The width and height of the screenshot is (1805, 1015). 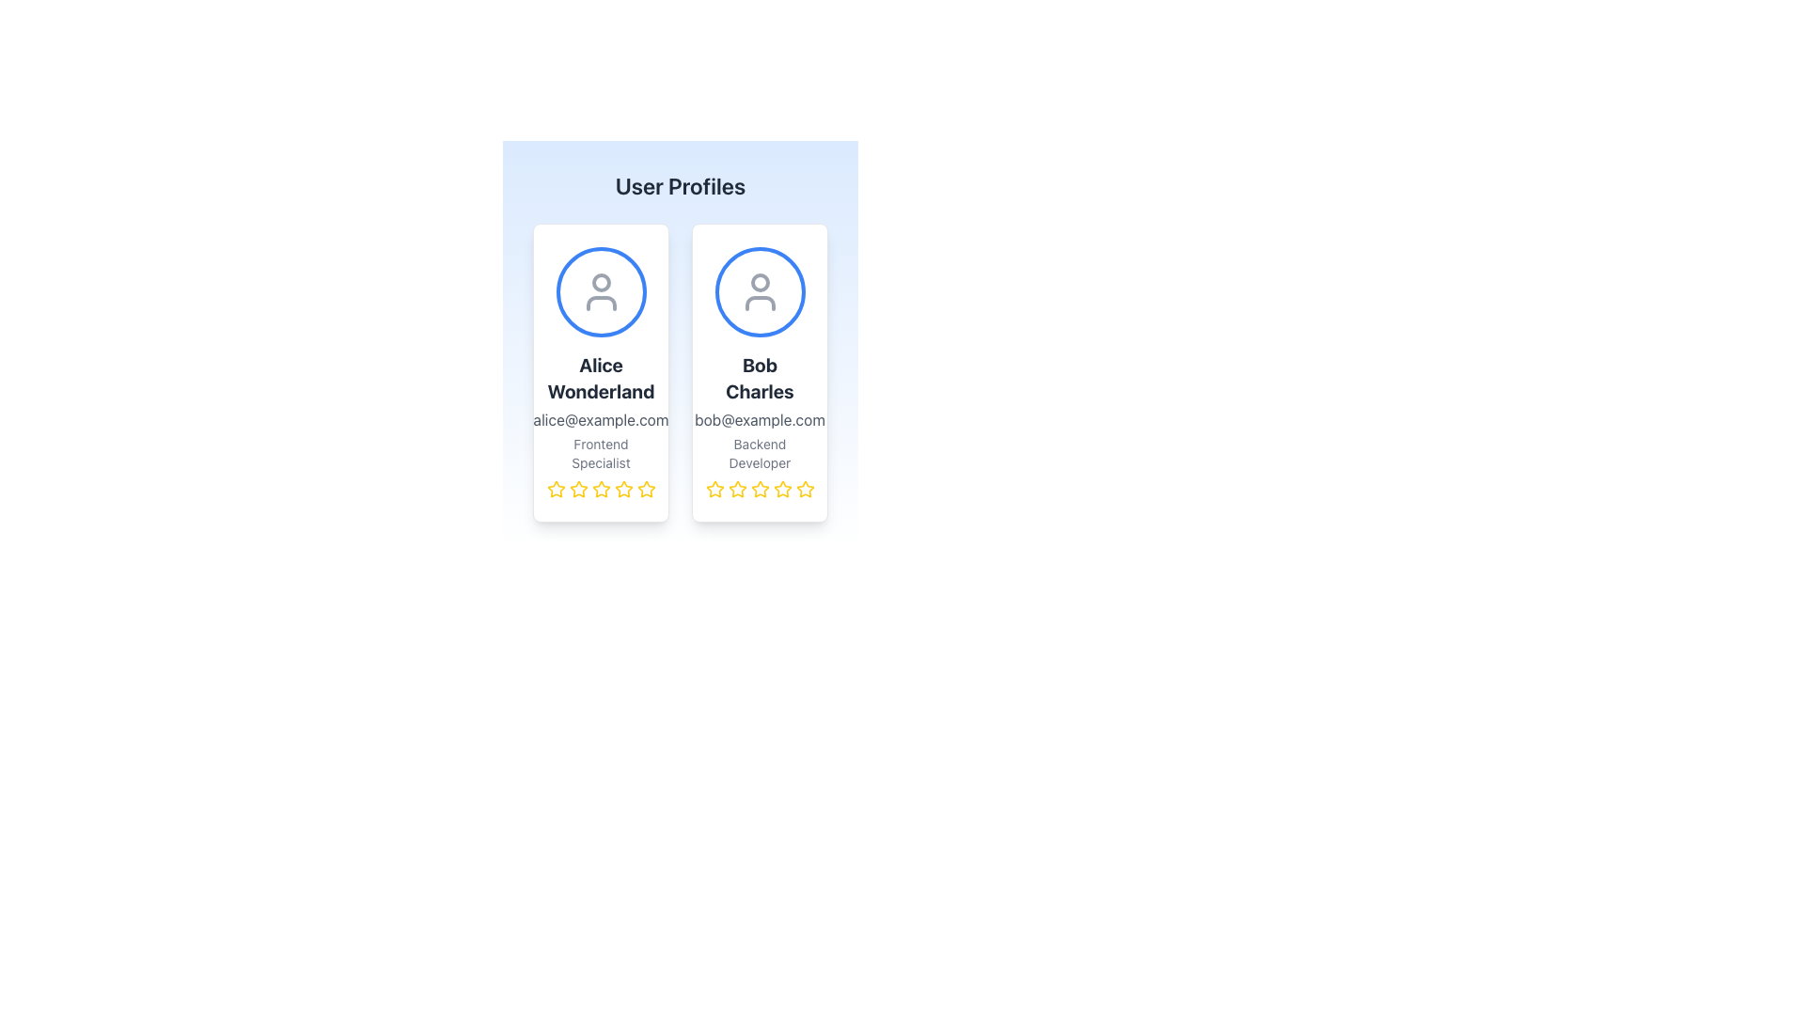 I want to click on the user profile icon located at the top center of the profile card, which visually represents the user, so click(x=760, y=292).